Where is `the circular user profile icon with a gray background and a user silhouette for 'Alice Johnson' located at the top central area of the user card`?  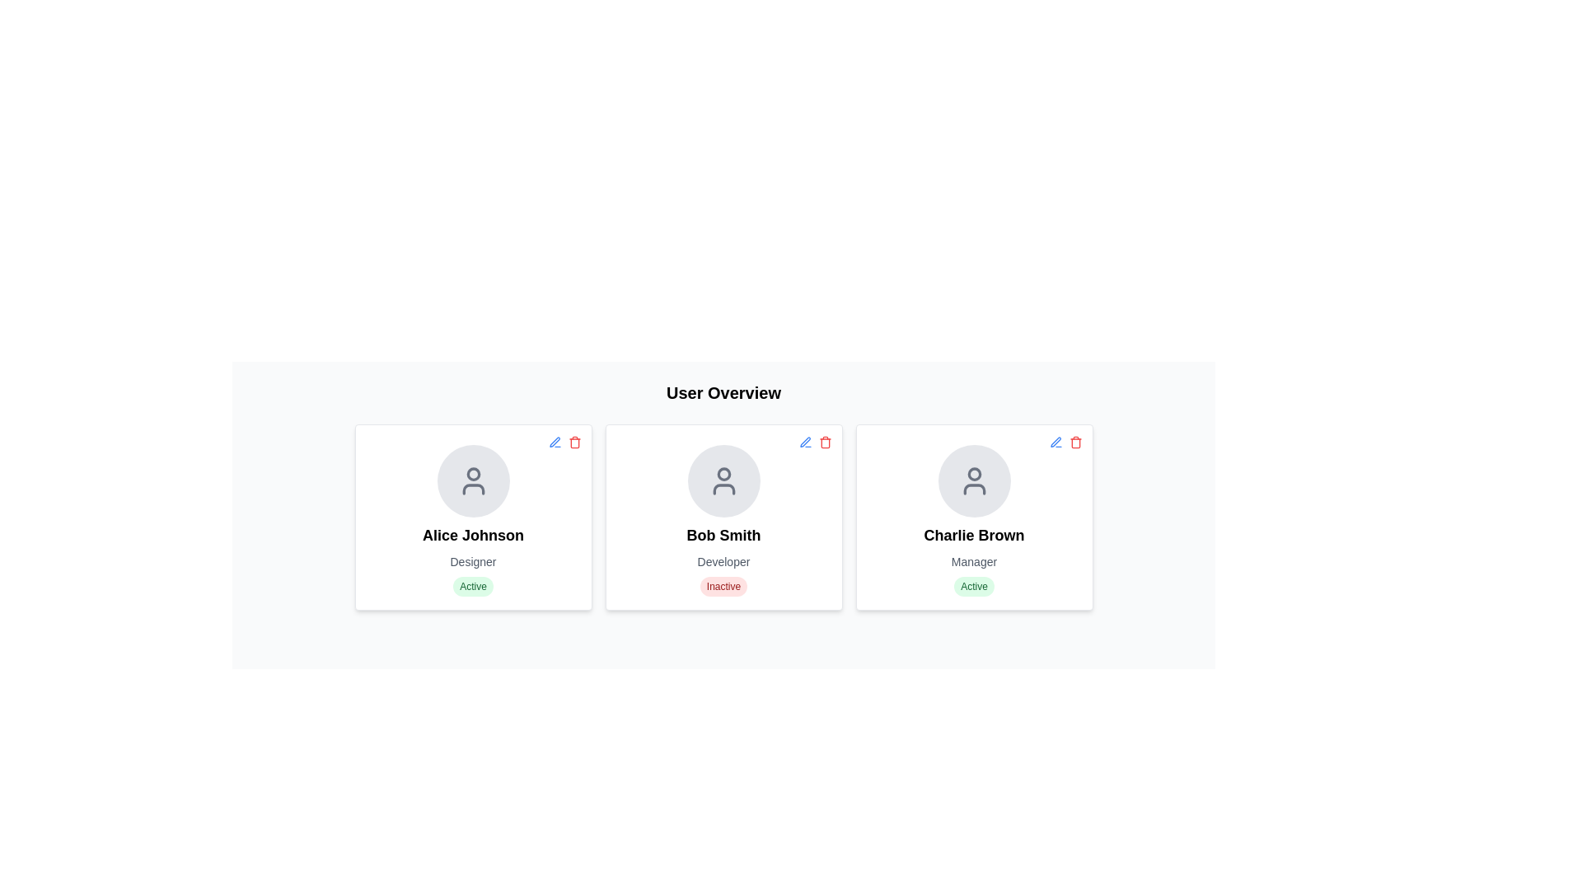
the circular user profile icon with a gray background and a user silhouette for 'Alice Johnson' located at the top central area of the user card is located at coordinates (472, 480).